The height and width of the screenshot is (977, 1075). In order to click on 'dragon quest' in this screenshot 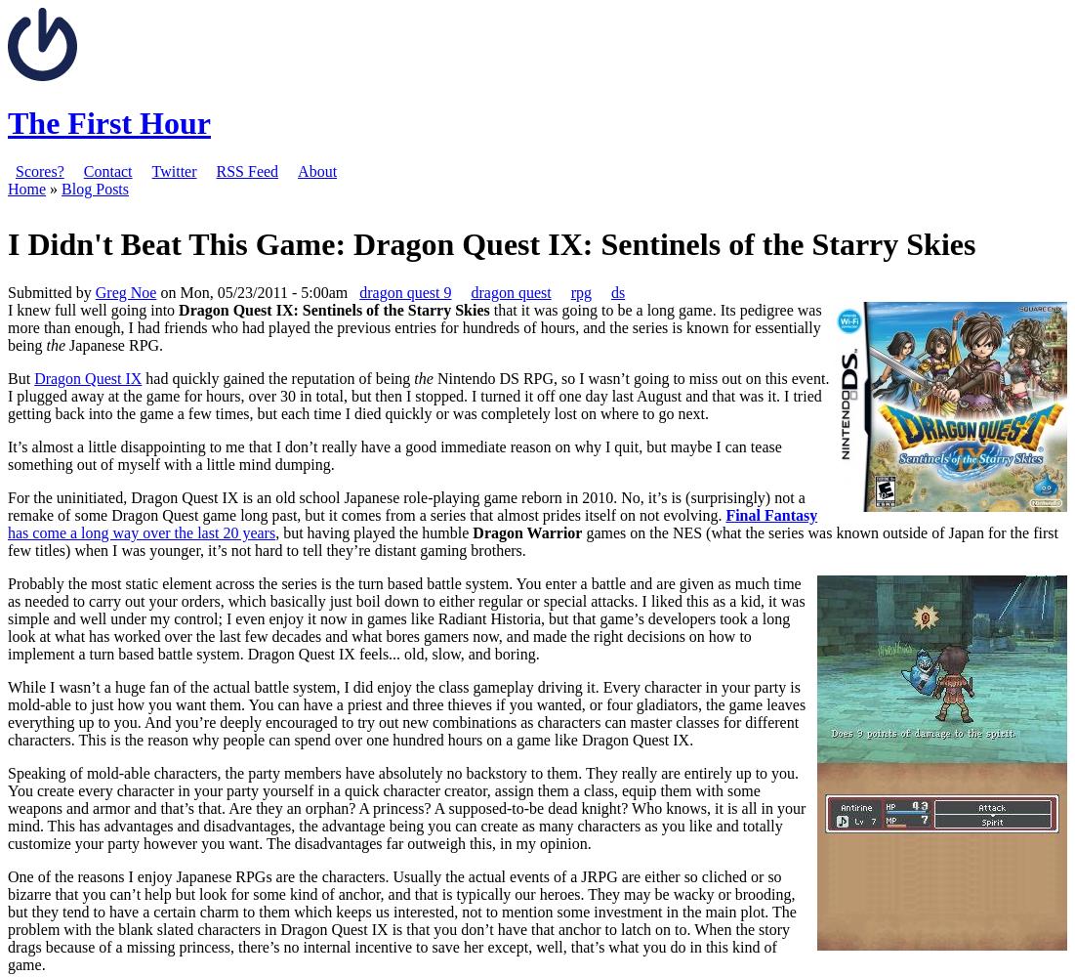, I will do `click(509, 291)`.